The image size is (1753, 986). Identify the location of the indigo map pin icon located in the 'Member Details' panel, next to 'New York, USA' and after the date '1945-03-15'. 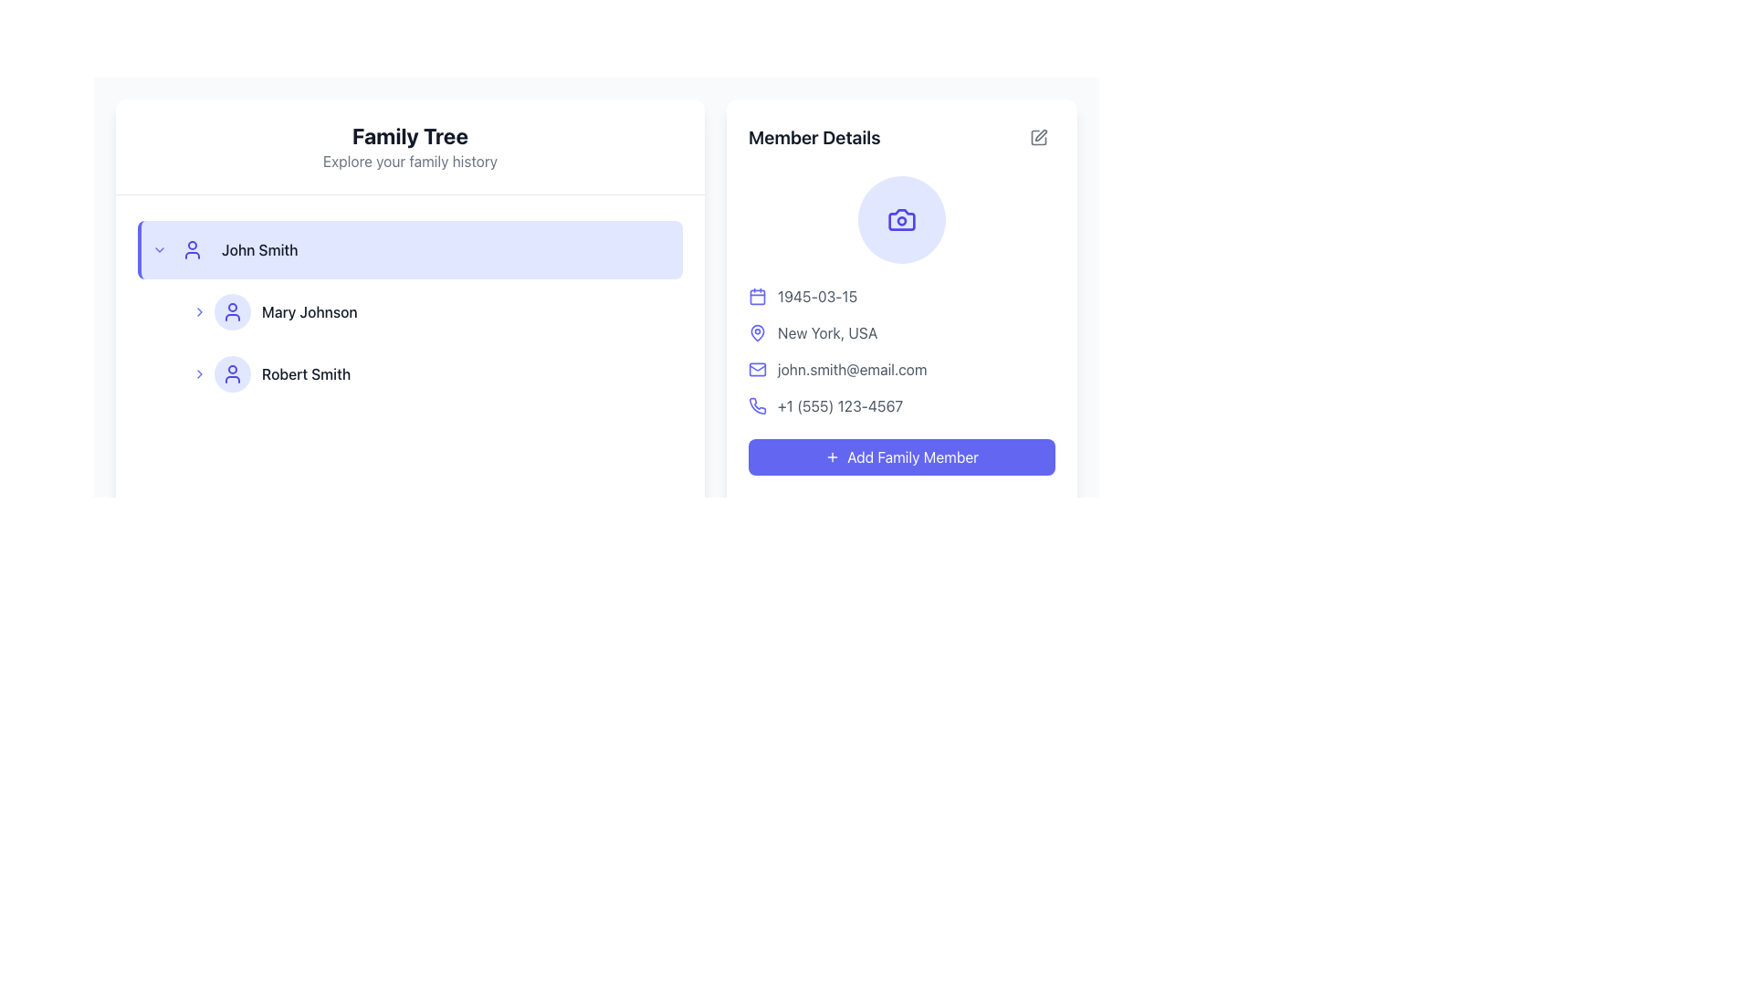
(758, 331).